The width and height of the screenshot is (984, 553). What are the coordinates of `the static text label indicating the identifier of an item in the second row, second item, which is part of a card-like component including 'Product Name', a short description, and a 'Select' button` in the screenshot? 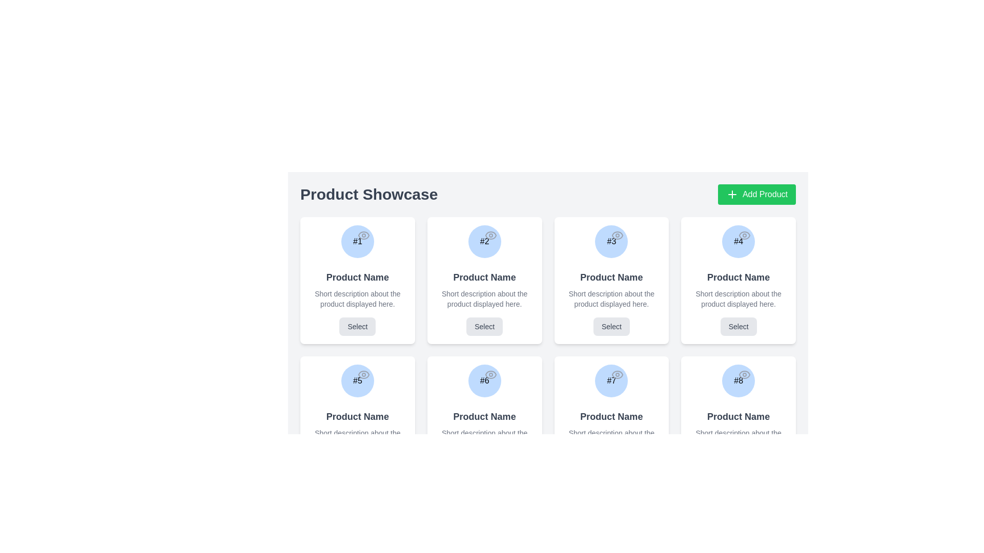 It's located at (484, 381).